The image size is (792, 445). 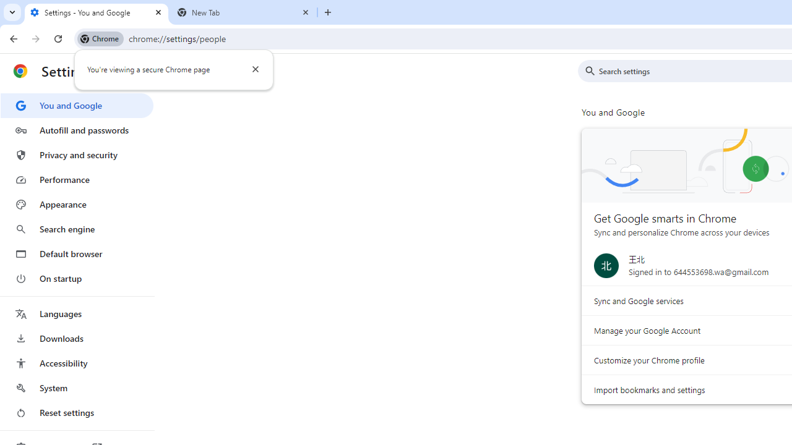 I want to click on 'Accessibility', so click(x=76, y=362).